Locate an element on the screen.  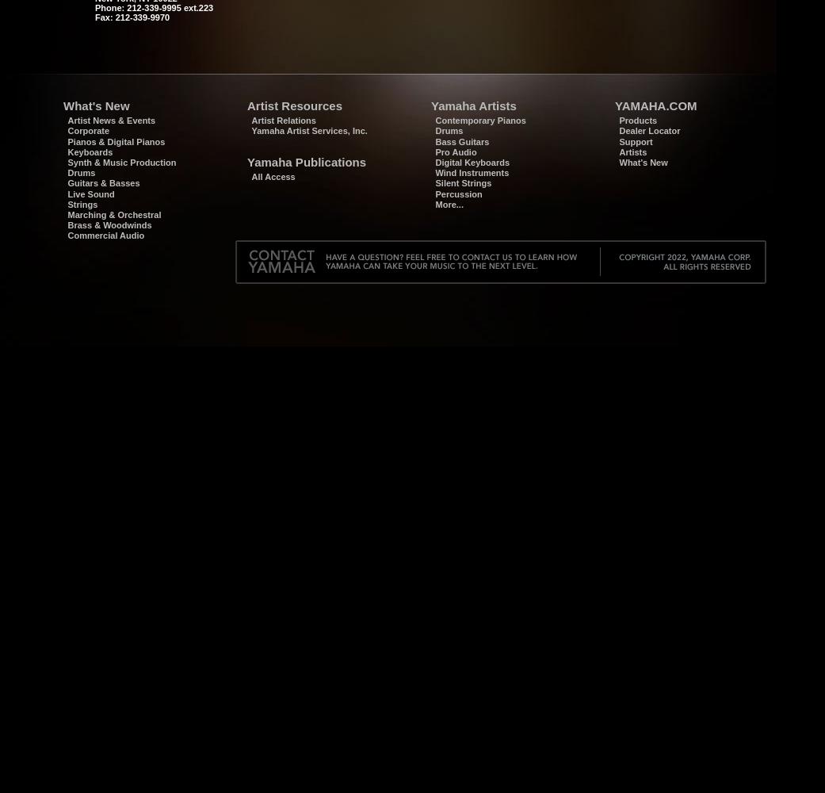
'Digital Keyboards' is located at coordinates (472, 161).